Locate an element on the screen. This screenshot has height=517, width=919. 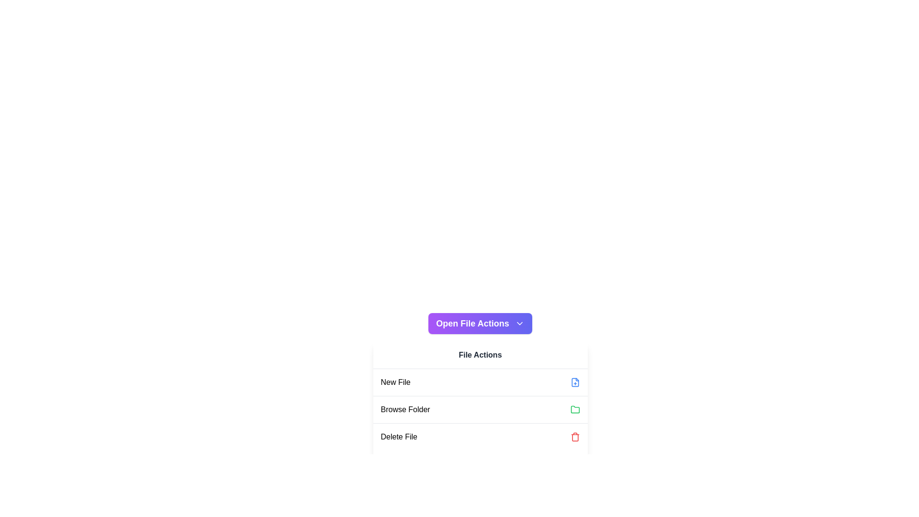
the chevron icon located to the right of the 'Open File Actions' button is located at coordinates (519, 323).